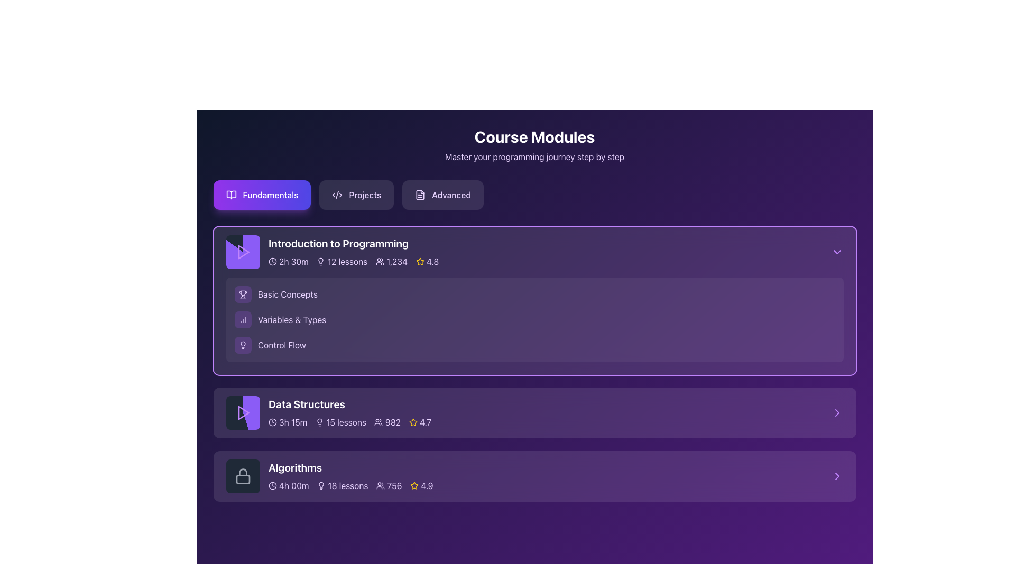 The width and height of the screenshot is (1015, 571). Describe the element at coordinates (412, 421) in the screenshot. I see `the Rating star icon located in the 'Data Structures' section` at that location.